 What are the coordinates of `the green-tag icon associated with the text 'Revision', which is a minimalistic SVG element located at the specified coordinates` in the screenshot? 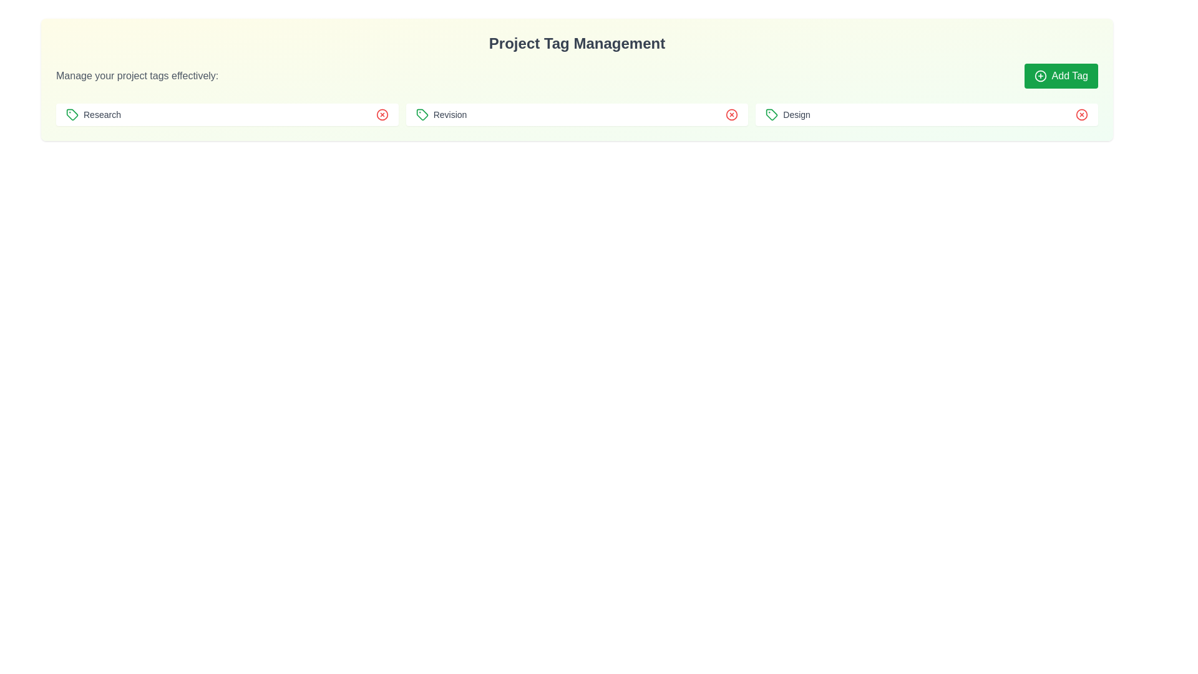 It's located at (422, 115).